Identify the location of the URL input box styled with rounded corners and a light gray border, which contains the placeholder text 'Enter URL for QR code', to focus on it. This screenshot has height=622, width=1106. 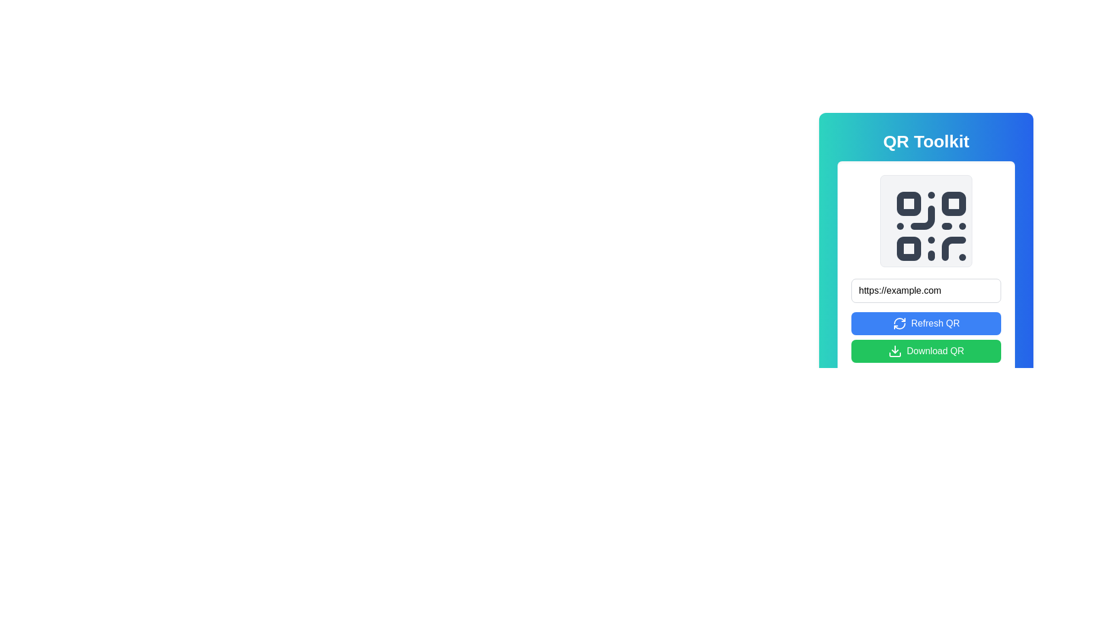
(926, 290).